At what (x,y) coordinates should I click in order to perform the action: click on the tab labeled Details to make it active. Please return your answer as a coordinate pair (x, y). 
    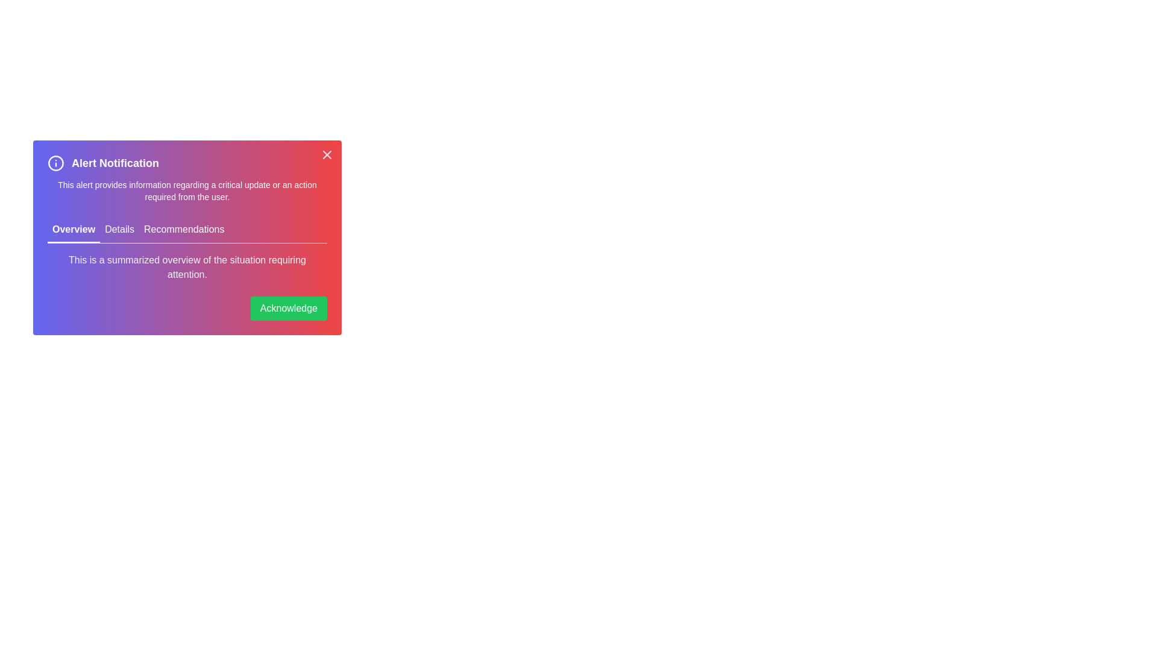
    Looking at the image, I should click on (119, 230).